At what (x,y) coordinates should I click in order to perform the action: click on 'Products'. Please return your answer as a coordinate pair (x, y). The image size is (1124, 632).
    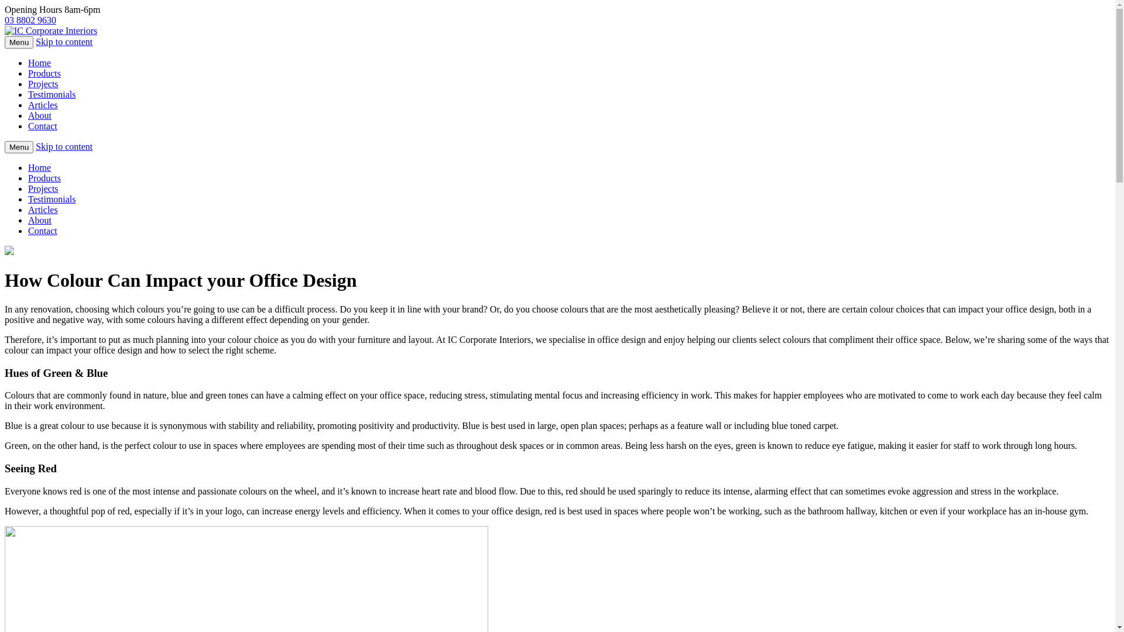
    Looking at the image, I should click on (28, 73).